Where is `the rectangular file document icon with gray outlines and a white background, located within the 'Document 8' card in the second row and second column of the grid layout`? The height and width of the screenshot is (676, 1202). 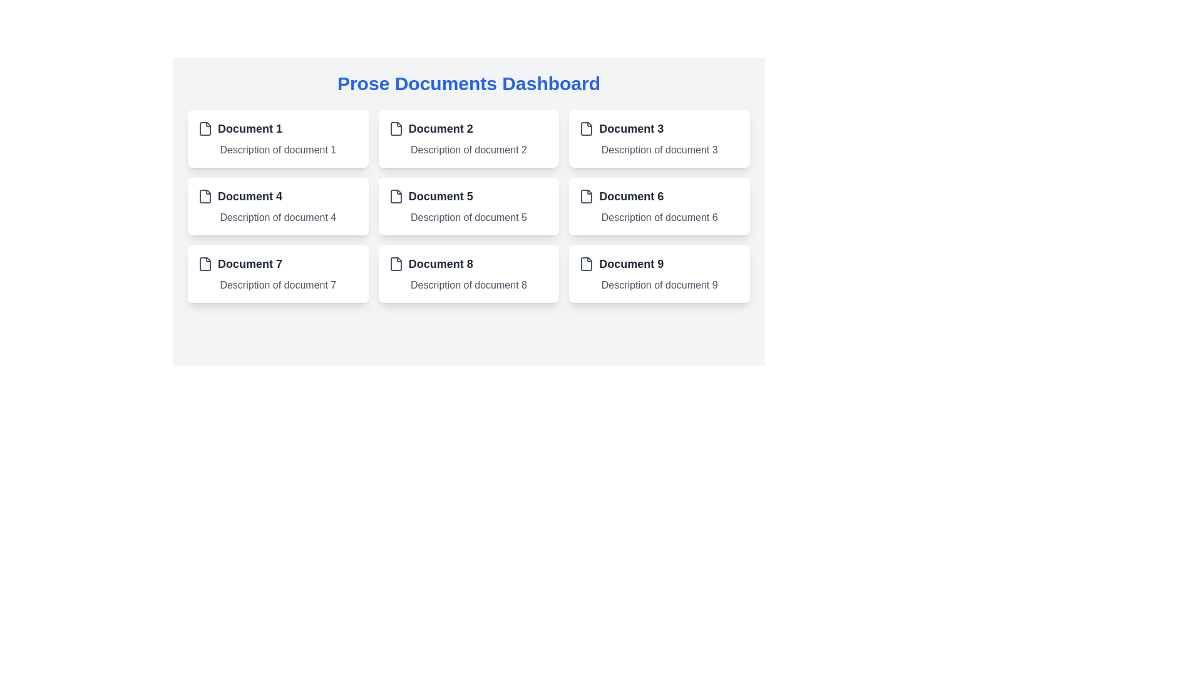
the rectangular file document icon with gray outlines and a white background, located within the 'Document 8' card in the second row and second column of the grid layout is located at coordinates (395, 263).